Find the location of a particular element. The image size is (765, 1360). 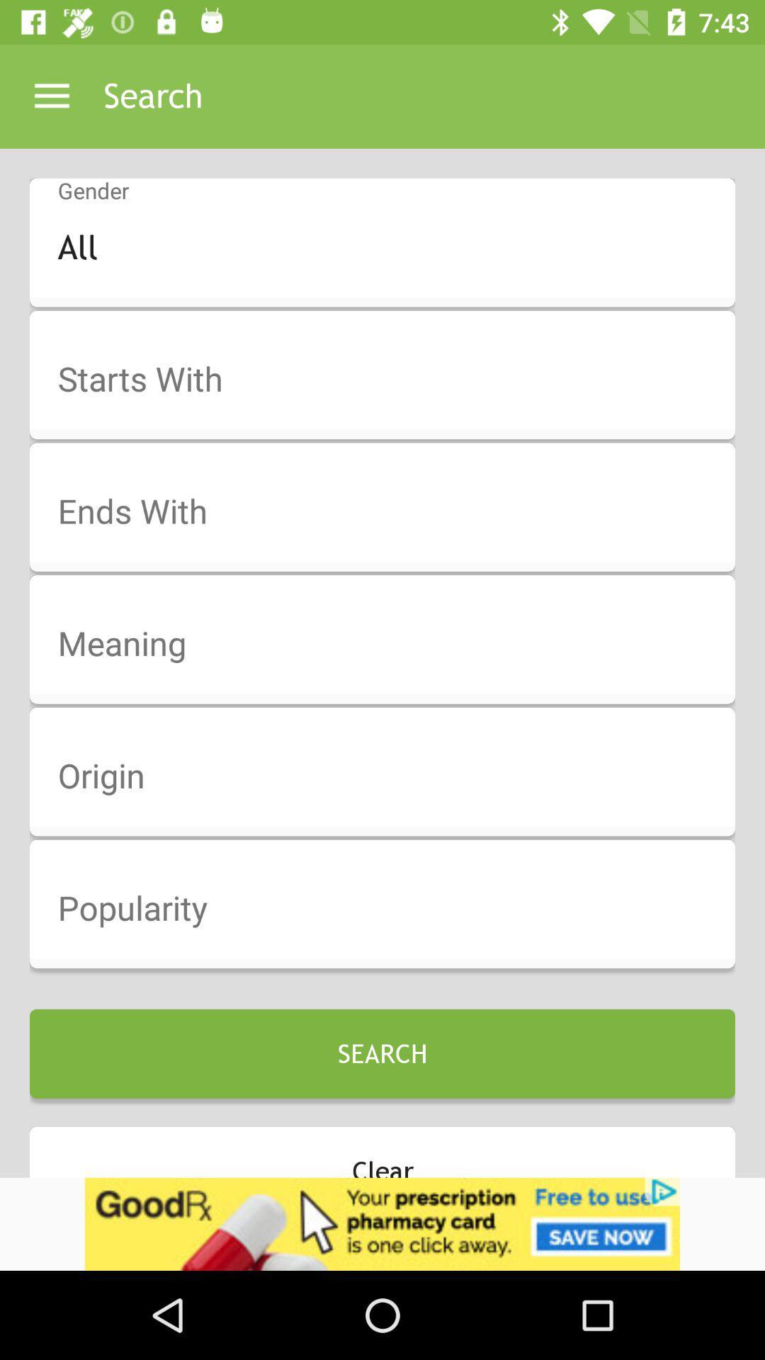

the meaning letter is located at coordinates (392, 644).